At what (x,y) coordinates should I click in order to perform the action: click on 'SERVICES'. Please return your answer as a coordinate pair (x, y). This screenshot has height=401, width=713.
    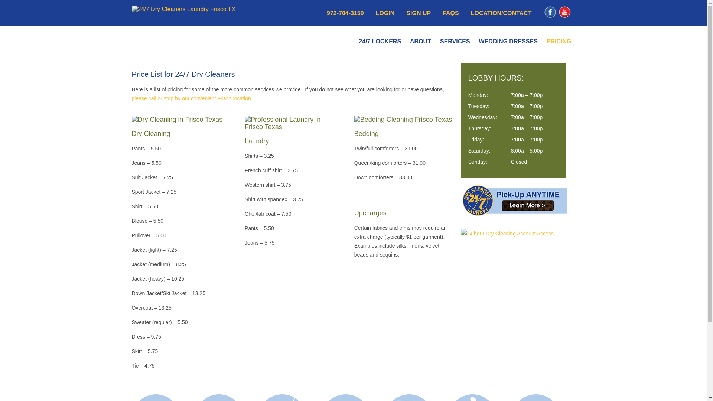
    Looking at the image, I should click on (455, 41).